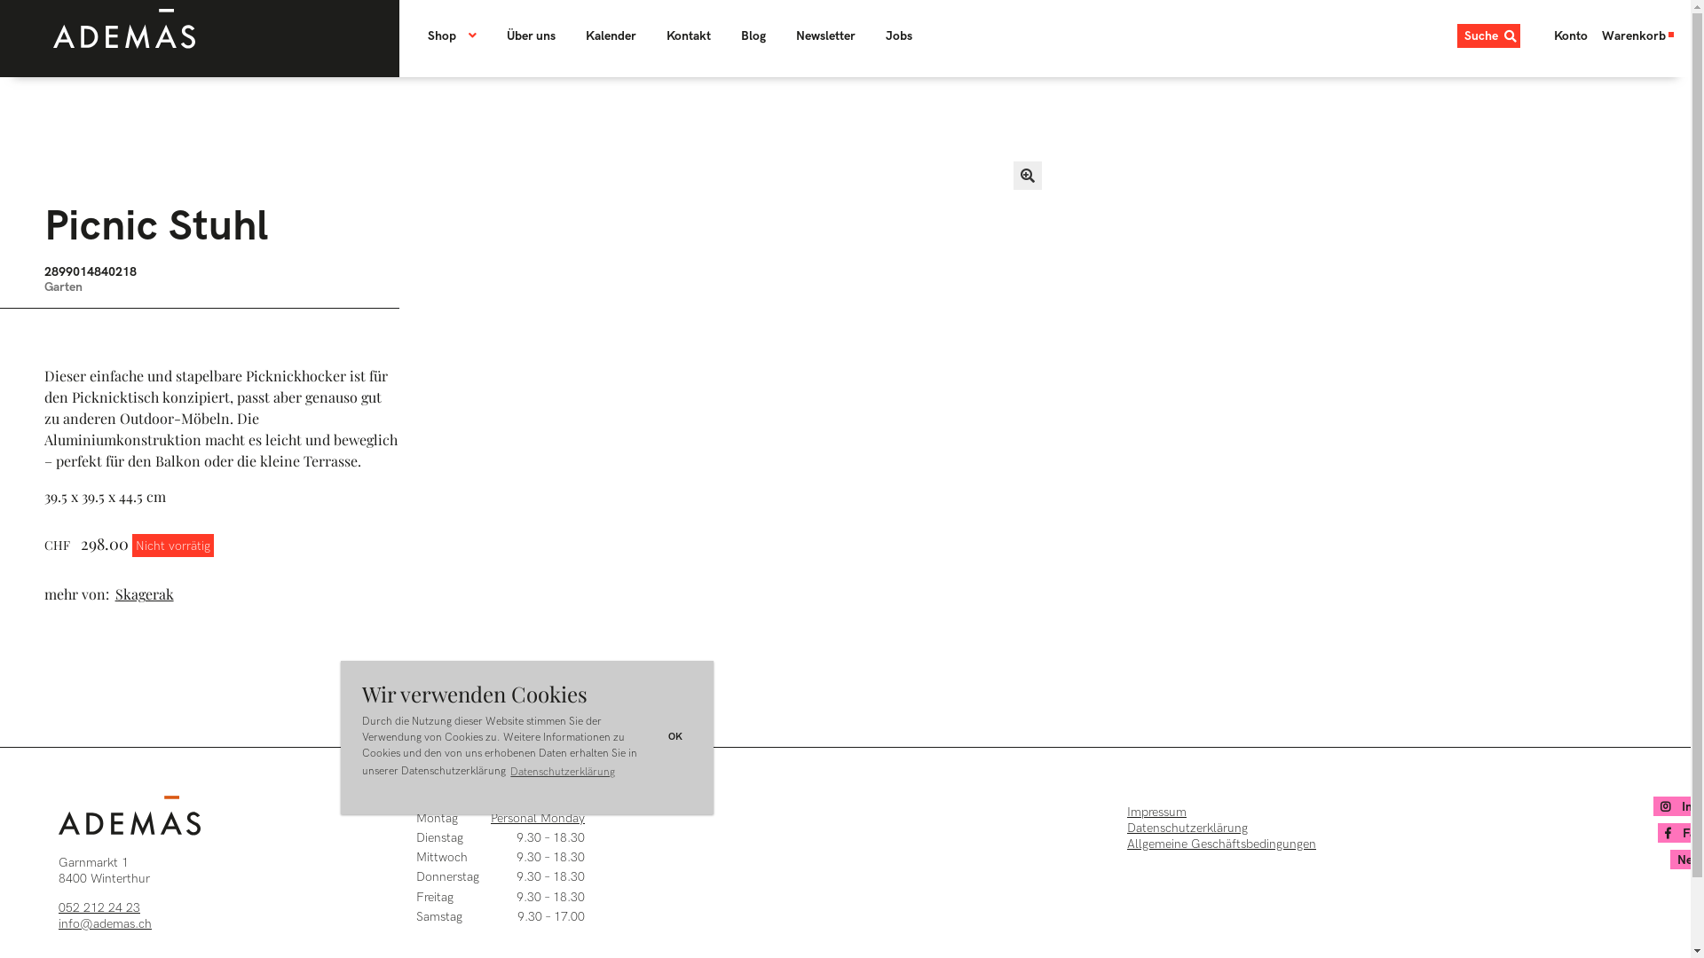 The image size is (1704, 958). What do you see at coordinates (611, 35) in the screenshot?
I see `'Kalender'` at bounding box center [611, 35].